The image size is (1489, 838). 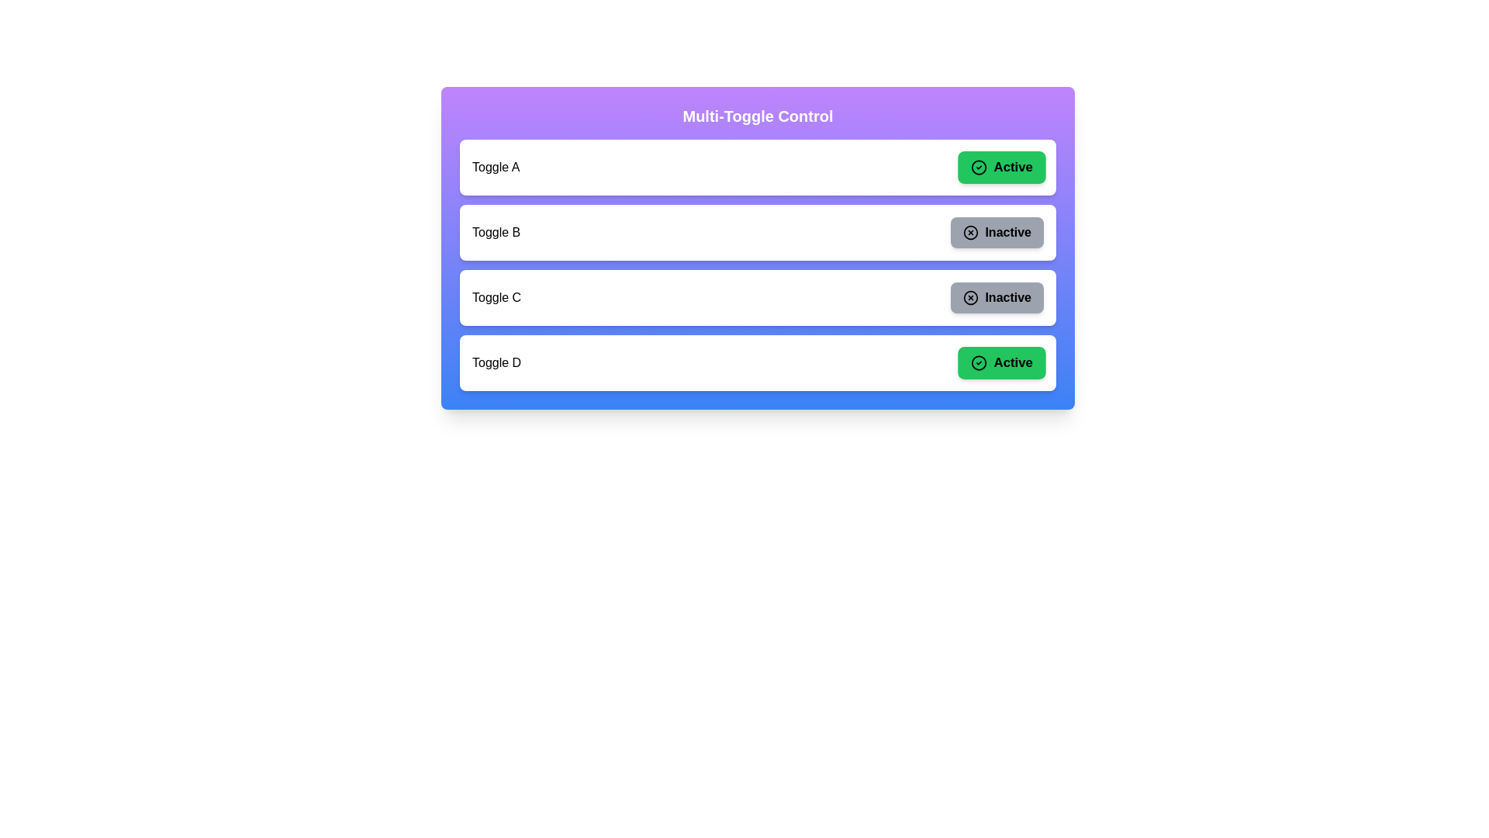 I want to click on label 'Toggle C' which is styled in a simple sans-serif font and located within the third card of toggle options, positioned towards the left side of the card, next to the 'Inactive' button, so click(x=496, y=298).